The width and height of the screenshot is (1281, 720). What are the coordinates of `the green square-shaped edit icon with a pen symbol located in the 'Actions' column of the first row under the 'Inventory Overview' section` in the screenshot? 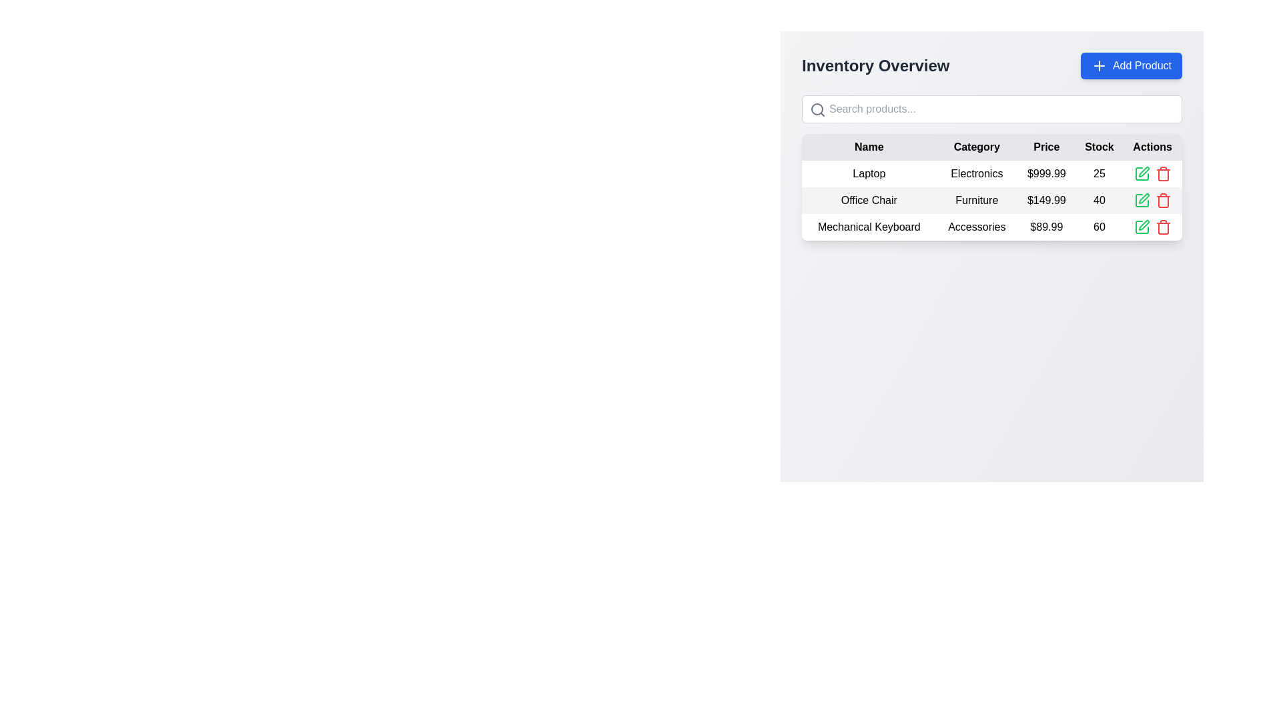 It's located at (1141, 173).